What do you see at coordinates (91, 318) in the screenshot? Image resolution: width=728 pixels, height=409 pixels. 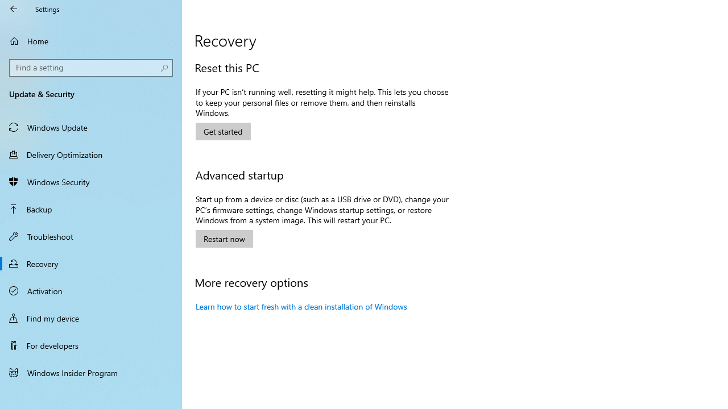 I see `'Find my device'` at bounding box center [91, 318].